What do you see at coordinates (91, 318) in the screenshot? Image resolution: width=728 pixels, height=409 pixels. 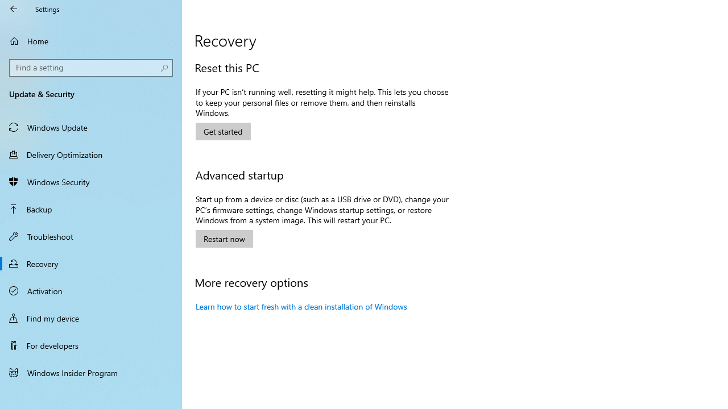 I see `'Find my device'` at bounding box center [91, 318].